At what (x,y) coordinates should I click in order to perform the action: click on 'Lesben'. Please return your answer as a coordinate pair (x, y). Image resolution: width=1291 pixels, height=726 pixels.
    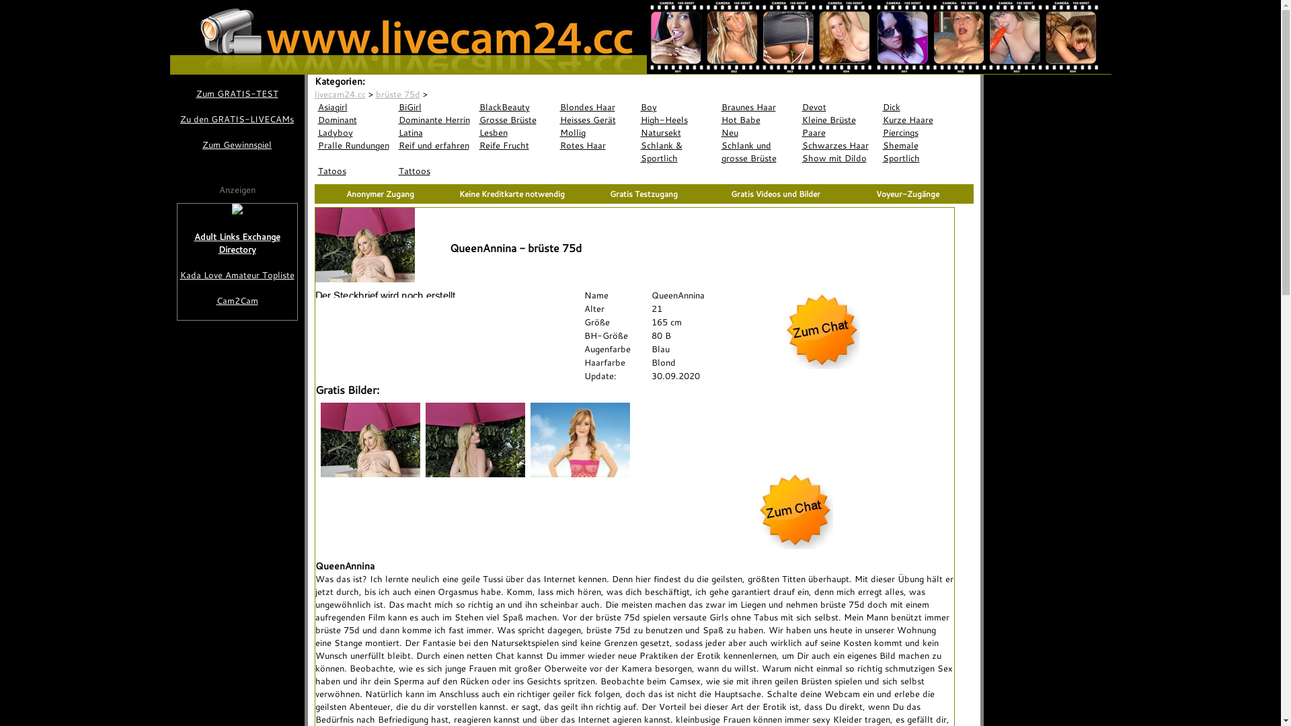
    Looking at the image, I should click on (476, 132).